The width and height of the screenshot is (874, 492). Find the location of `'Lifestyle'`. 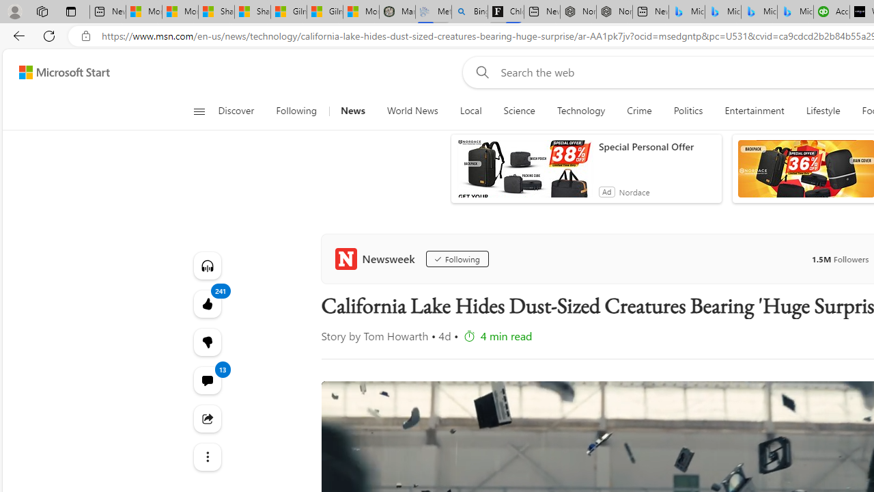

'Lifestyle' is located at coordinates (822, 111).